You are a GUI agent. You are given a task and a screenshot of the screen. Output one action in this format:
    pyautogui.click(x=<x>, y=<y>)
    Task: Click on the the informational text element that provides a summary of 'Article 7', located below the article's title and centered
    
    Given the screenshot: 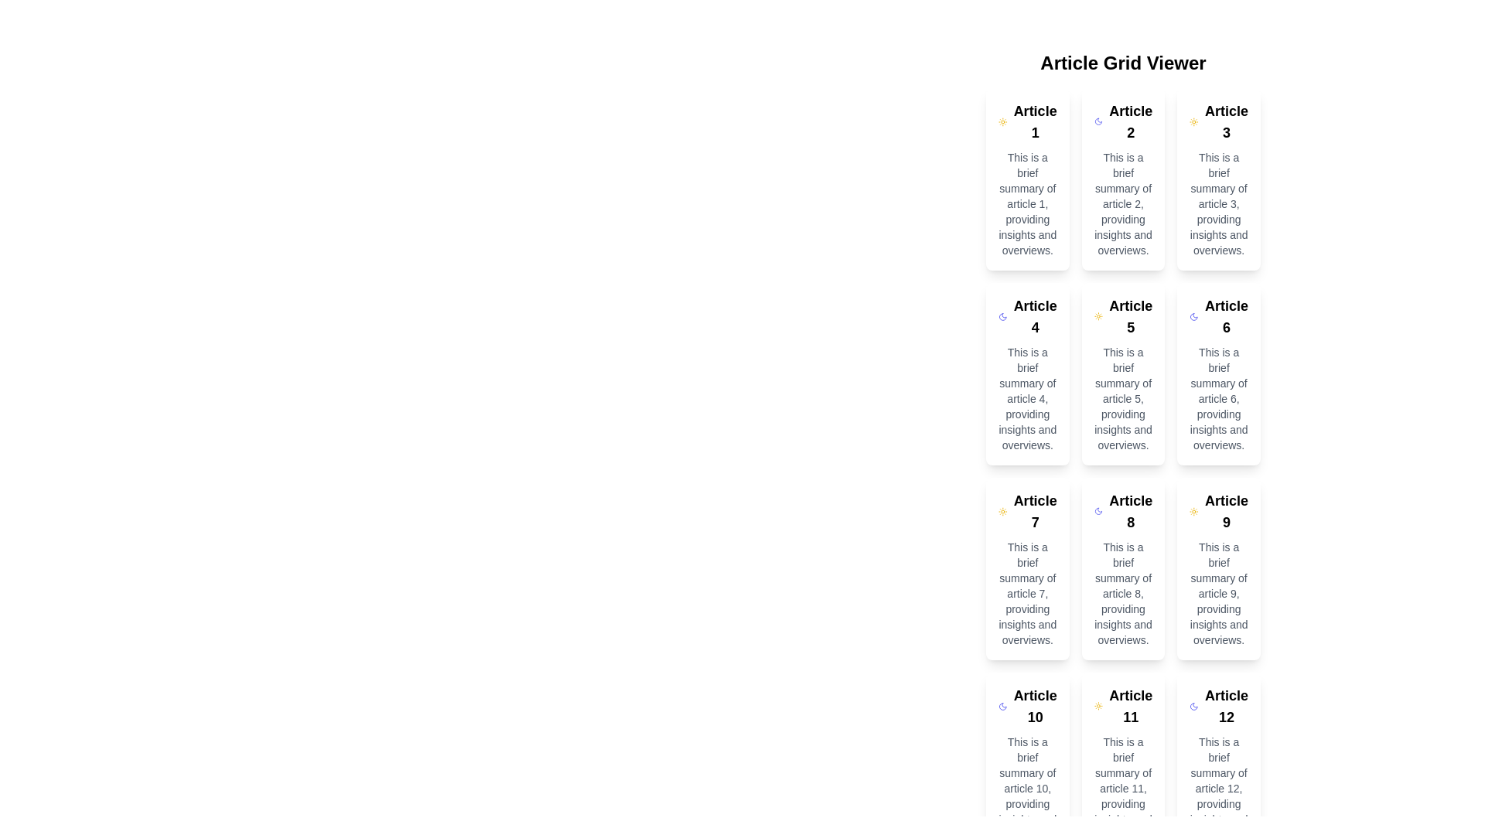 What is the action you would take?
    pyautogui.click(x=1027, y=592)
    